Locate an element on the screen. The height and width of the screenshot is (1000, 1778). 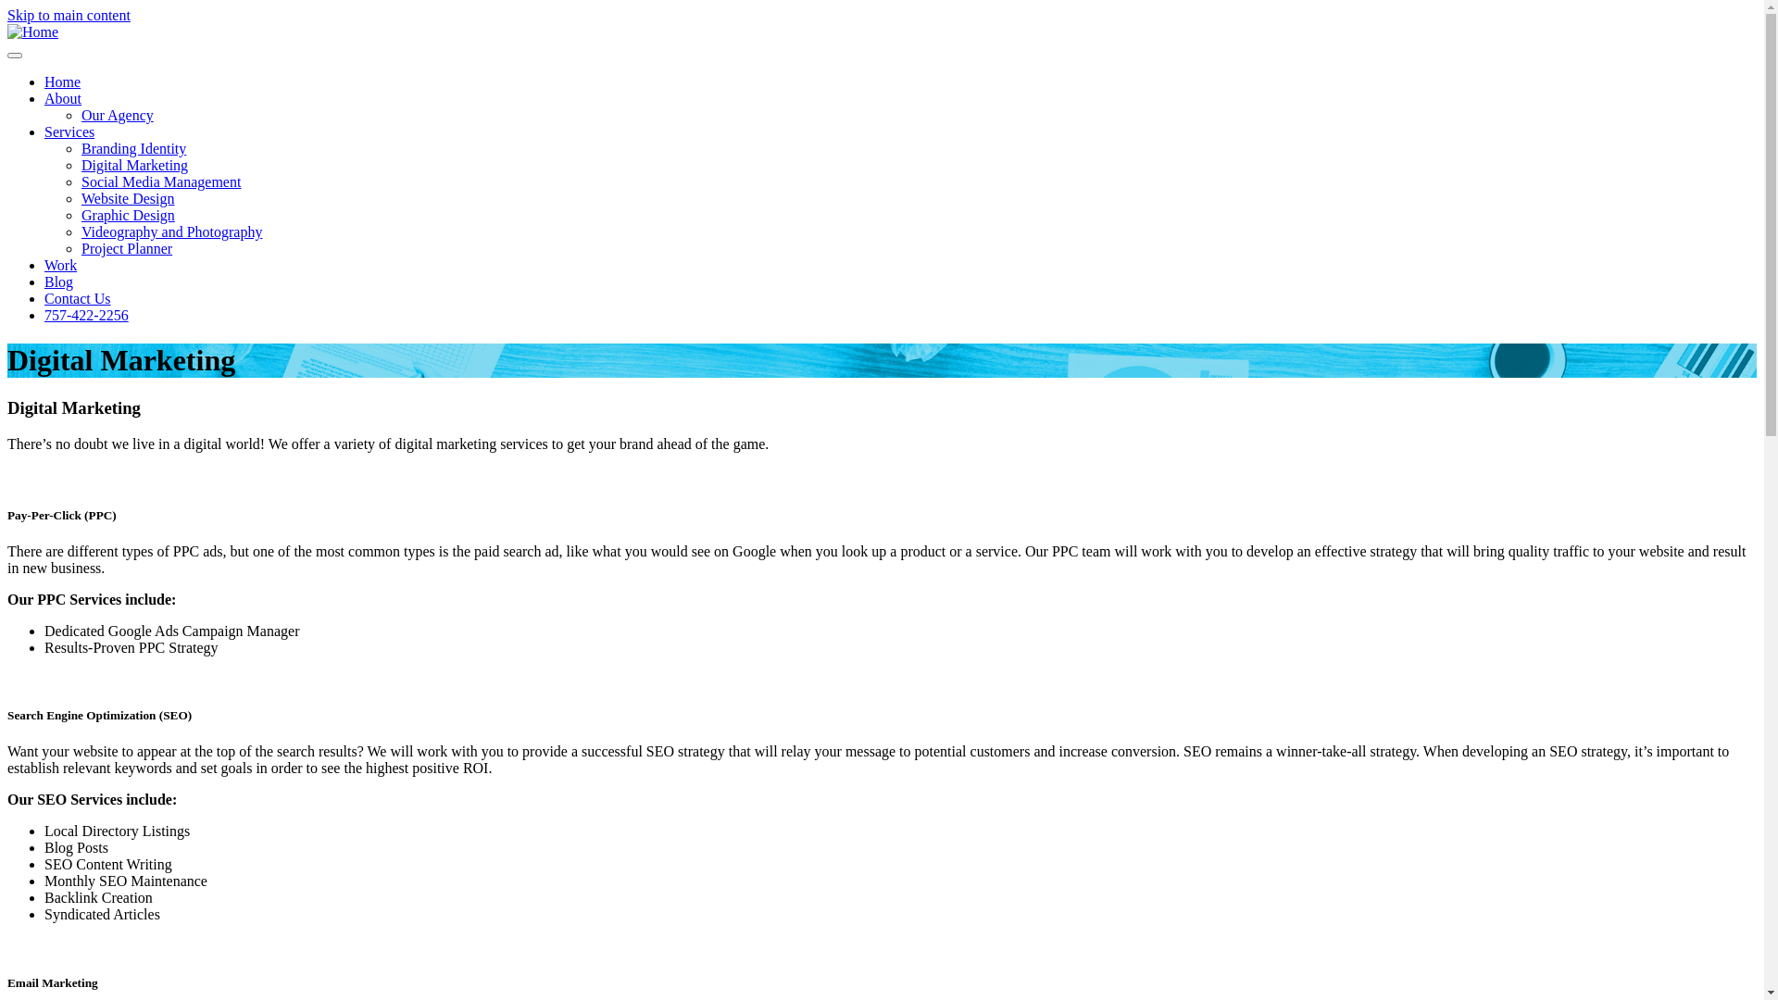
'Graphic Design' is located at coordinates (127, 214).